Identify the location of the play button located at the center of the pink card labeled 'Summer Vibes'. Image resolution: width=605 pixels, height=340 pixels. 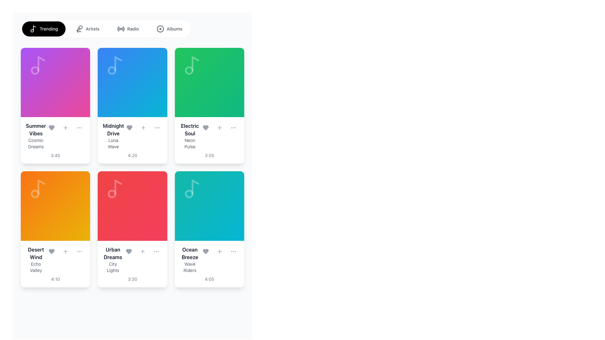
(55, 82).